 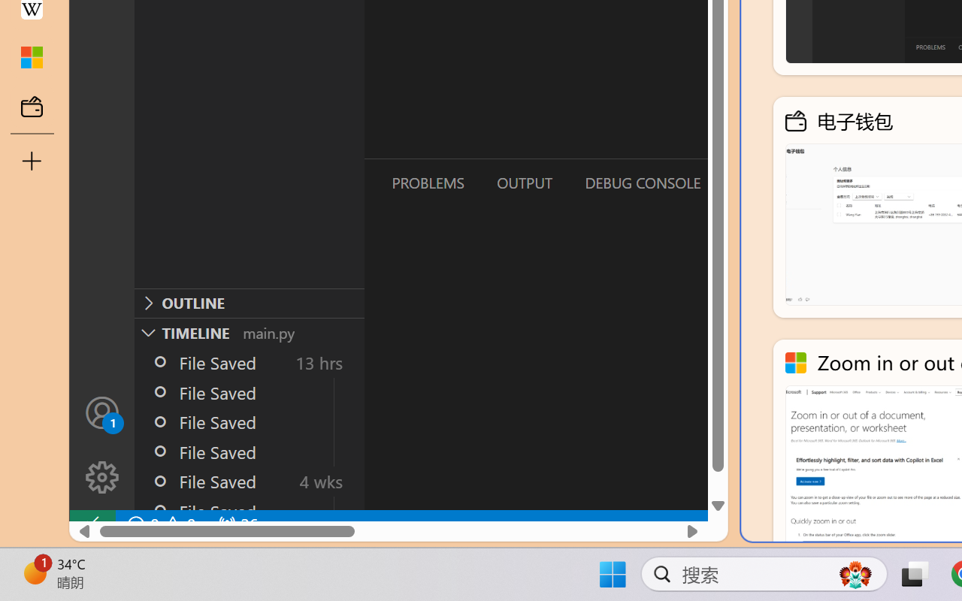 What do you see at coordinates (101, 412) in the screenshot?
I see `'Accounts - Sign in requested'` at bounding box center [101, 412].